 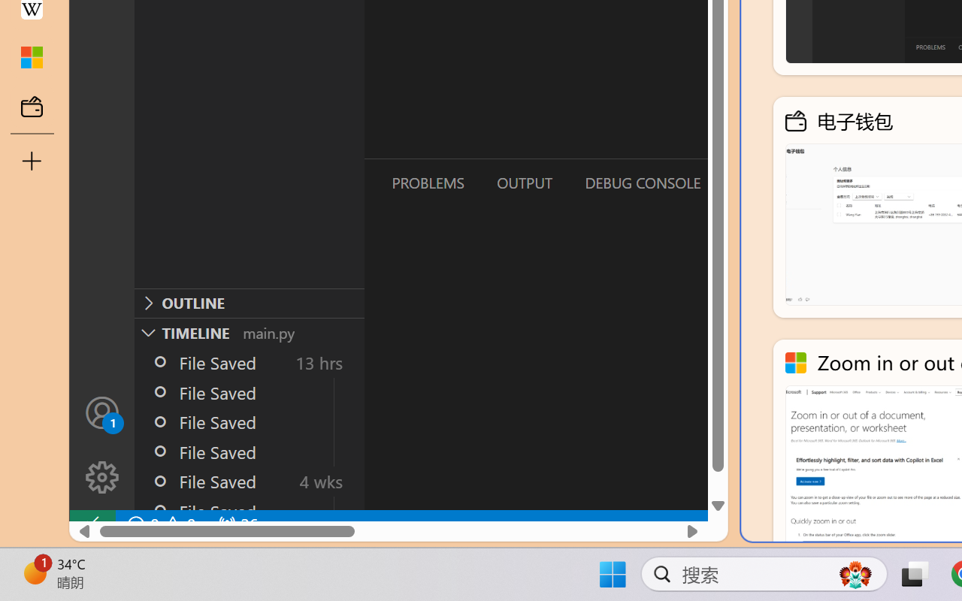 What do you see at coordinates (101, 412) in the screenshot?
I see `'Accounts - Sign in requested'` at bounding box center [101, 412].